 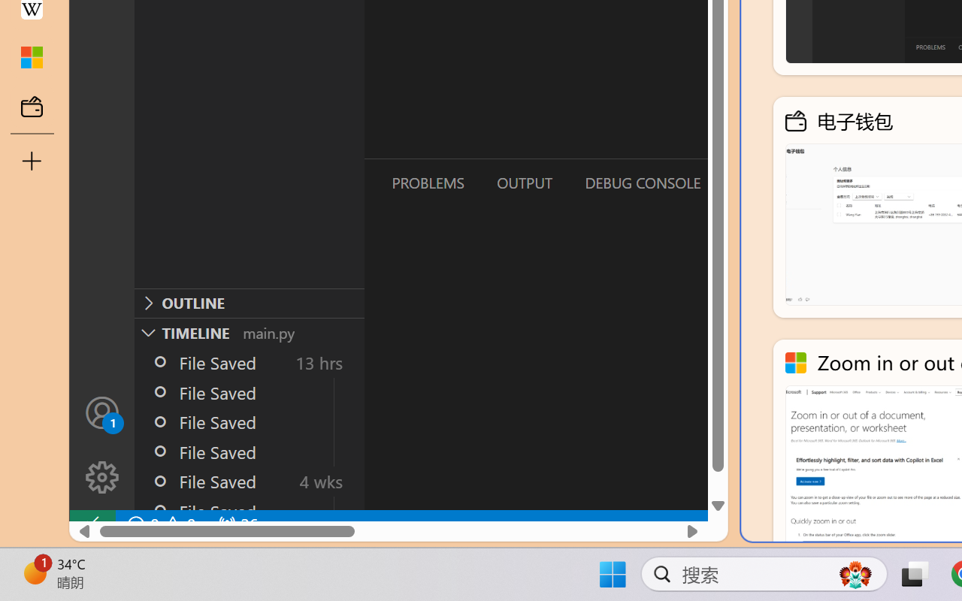 What do you see at coordinates (101, 412) in the screenshot?
I see `'Accounts - Sign in requested'` at bounding box center [101, 412].